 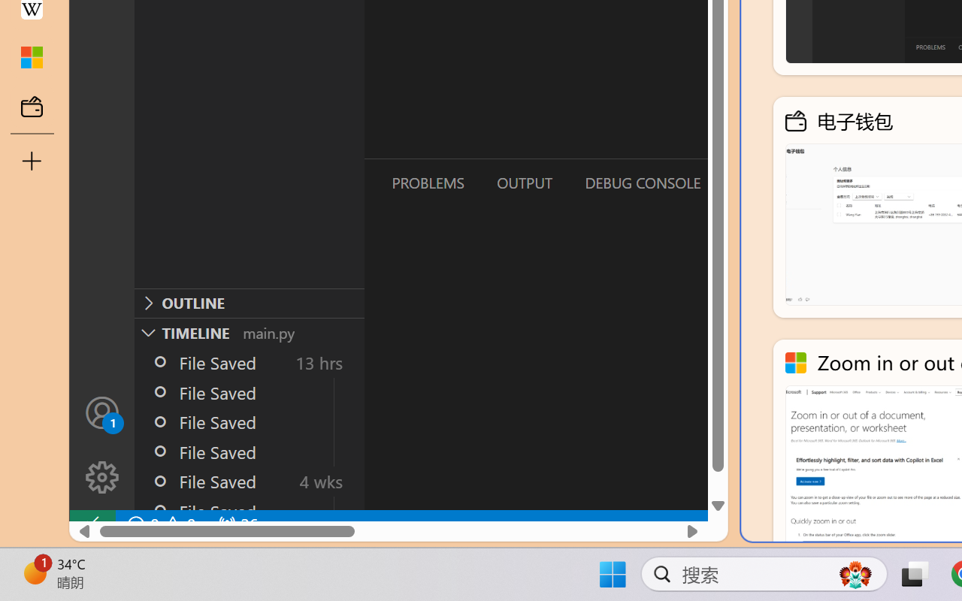 What do you see at coordinates (101, 412) in the screenshot?
I see `'Accounts - Sign in requested'` at bounding box center [101, 412].